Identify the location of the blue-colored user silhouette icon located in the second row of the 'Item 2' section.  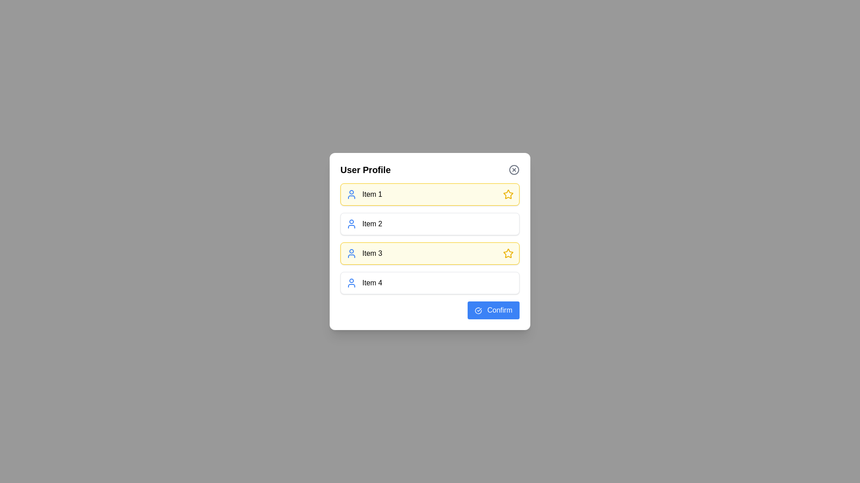
(351, 224).